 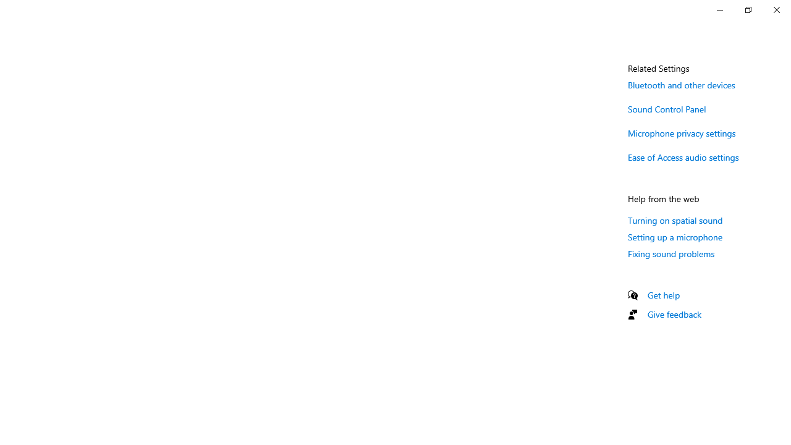 I want to click on 'Fixing sound problems', so click(x=670, y=253).